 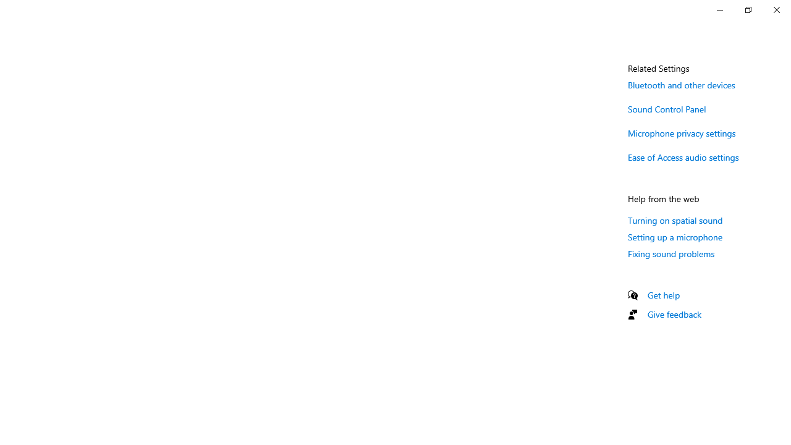 I want to click on 'Fixing sound problems', so click(x=670, y=253).